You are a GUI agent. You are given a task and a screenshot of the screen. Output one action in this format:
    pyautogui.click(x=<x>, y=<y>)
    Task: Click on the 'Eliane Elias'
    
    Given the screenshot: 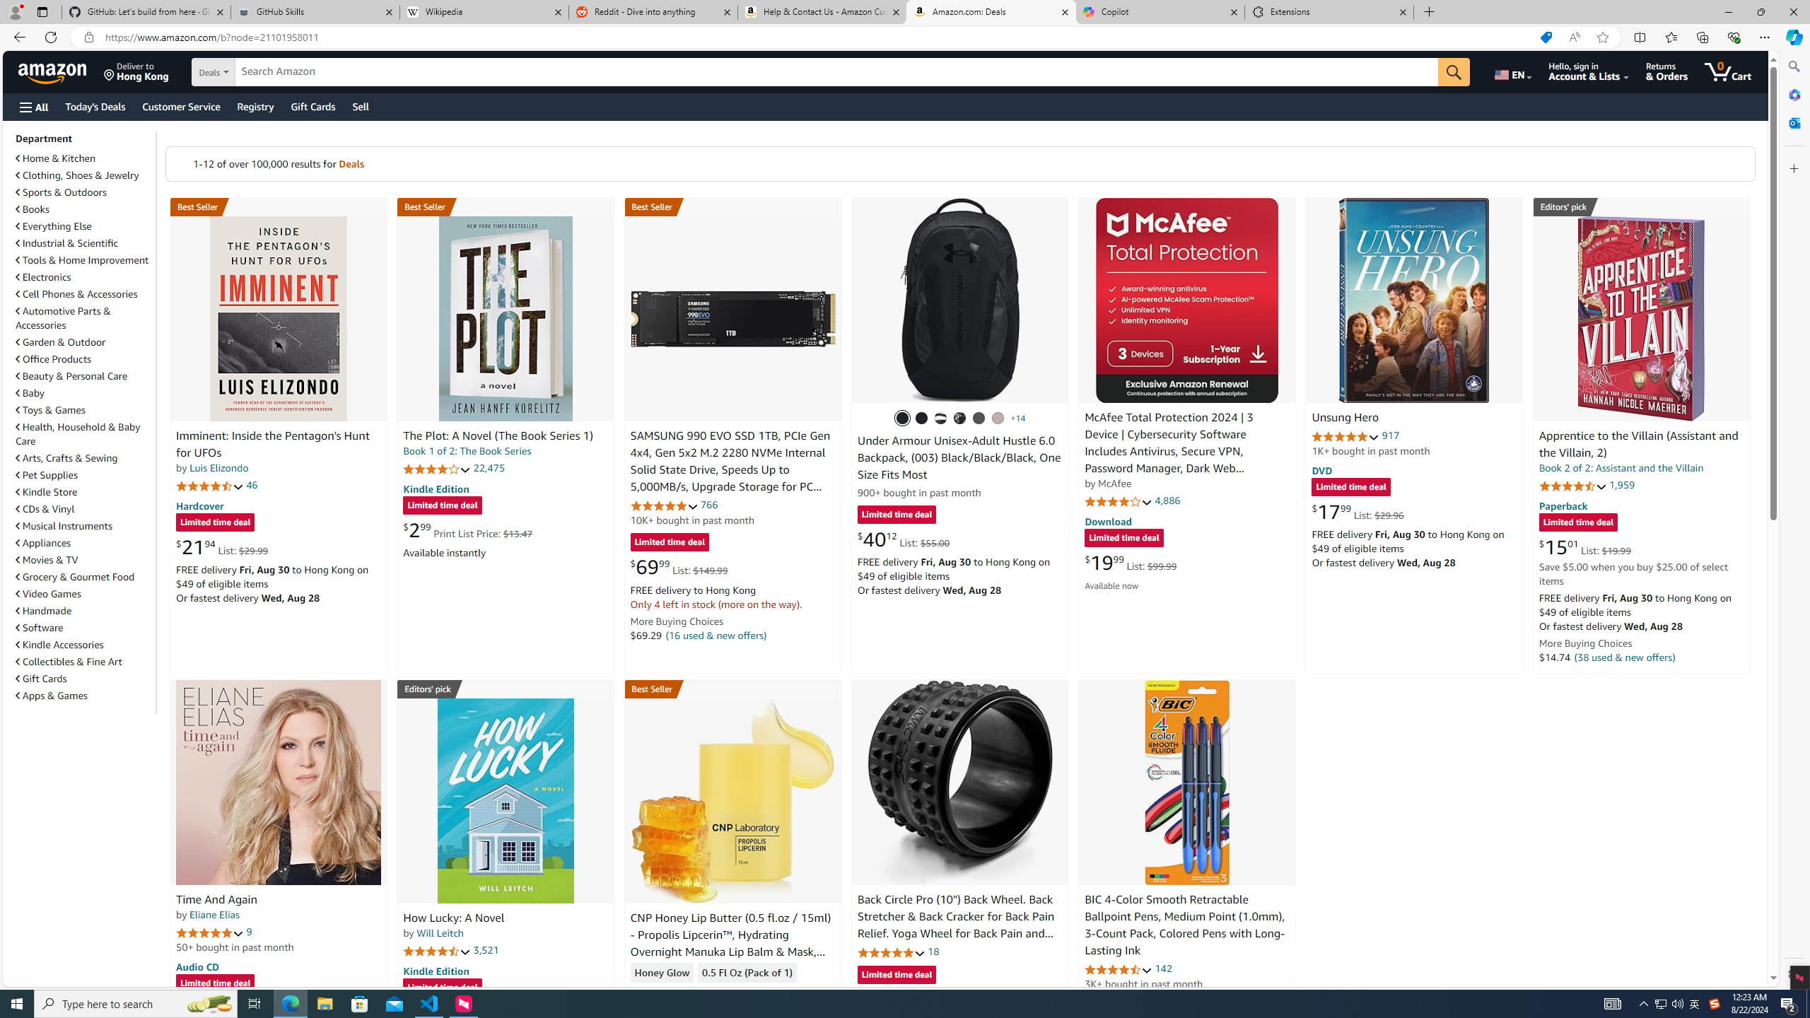 What is the action you would take?
    pyautogui.click(x=213, y=913)
    